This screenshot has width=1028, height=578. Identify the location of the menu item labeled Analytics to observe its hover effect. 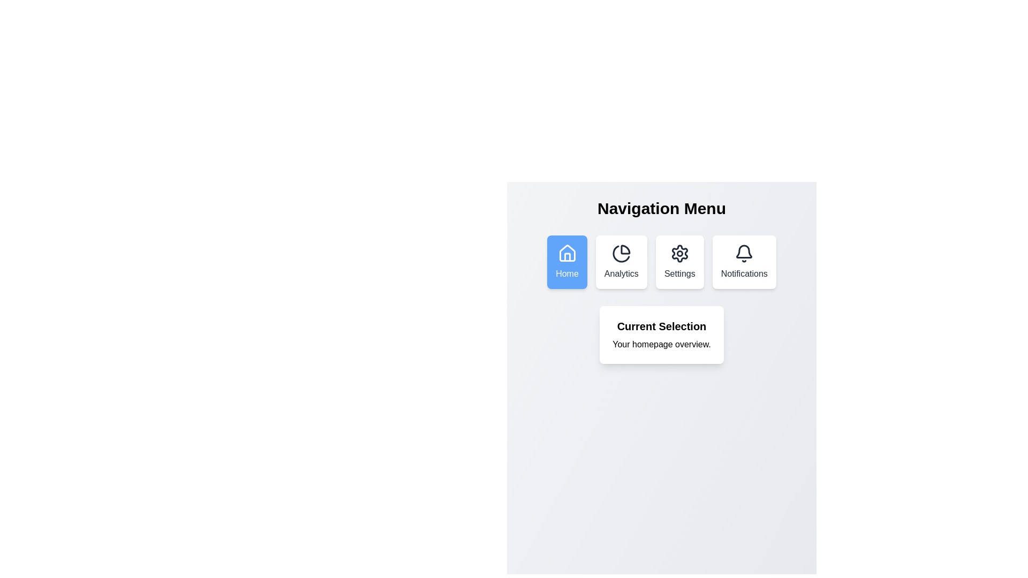
(621, 262).